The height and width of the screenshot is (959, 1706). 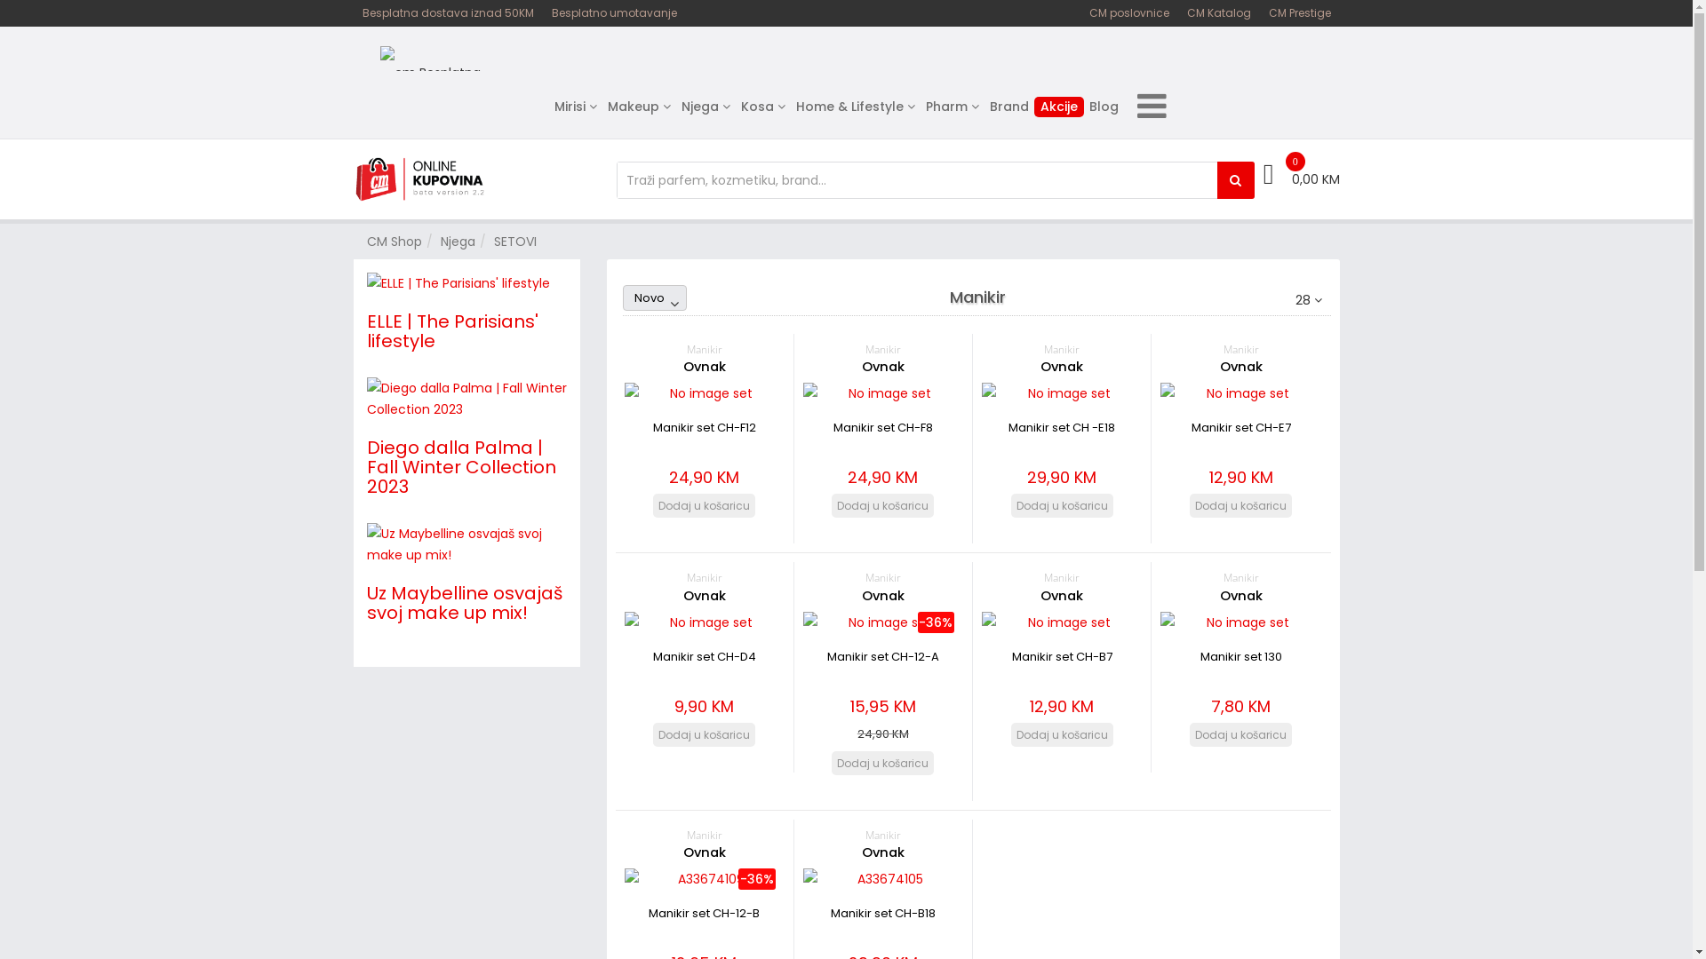 I want to click on 'ELLE | The Parisians' lifestyle', so click(x=451, y=331).